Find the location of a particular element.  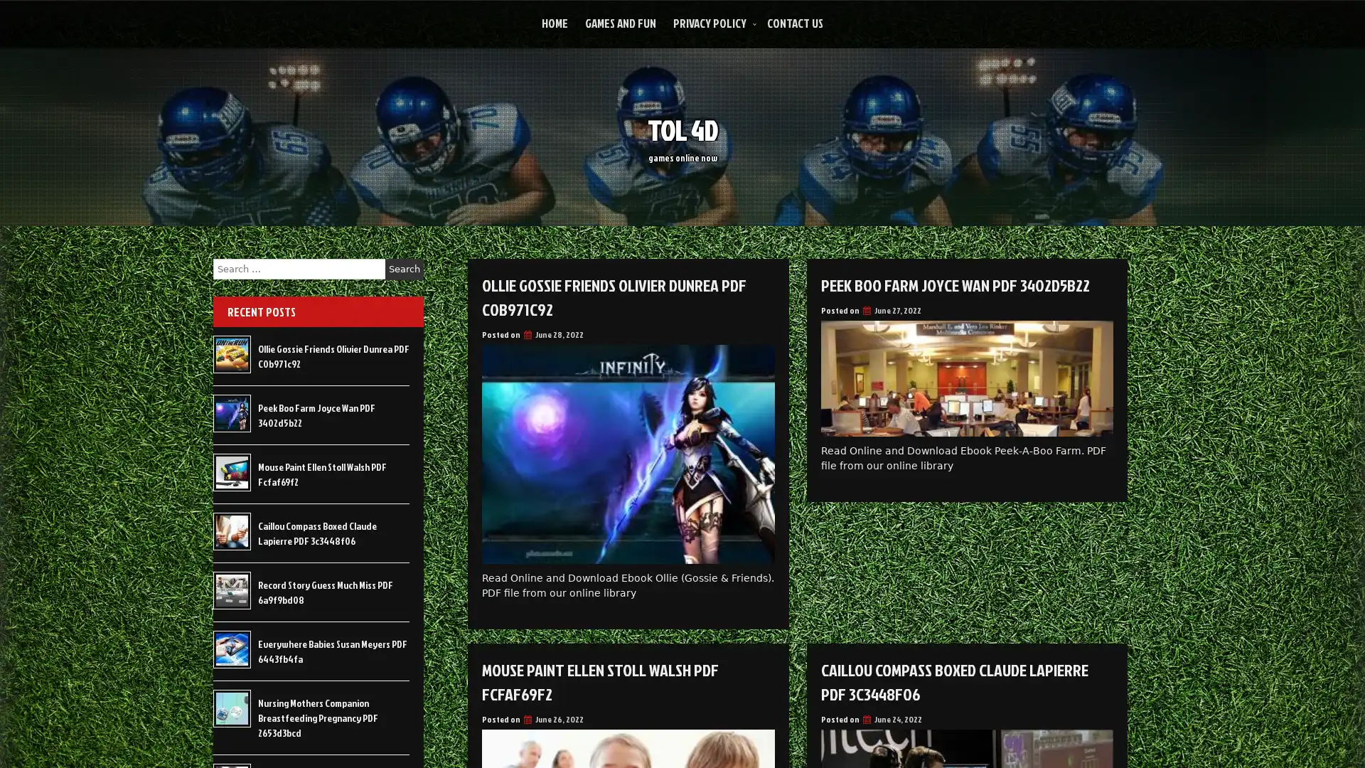

Search is located at coordinates (404, 269).